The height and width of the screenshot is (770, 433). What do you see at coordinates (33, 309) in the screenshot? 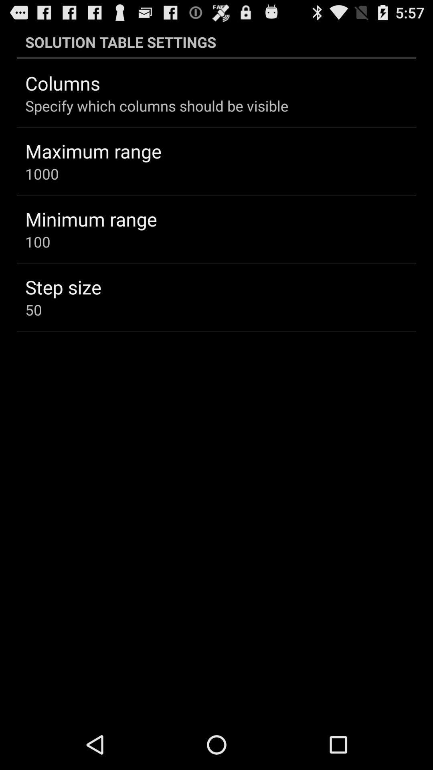
I see `the 50 app` at bounding box center [33, 309].